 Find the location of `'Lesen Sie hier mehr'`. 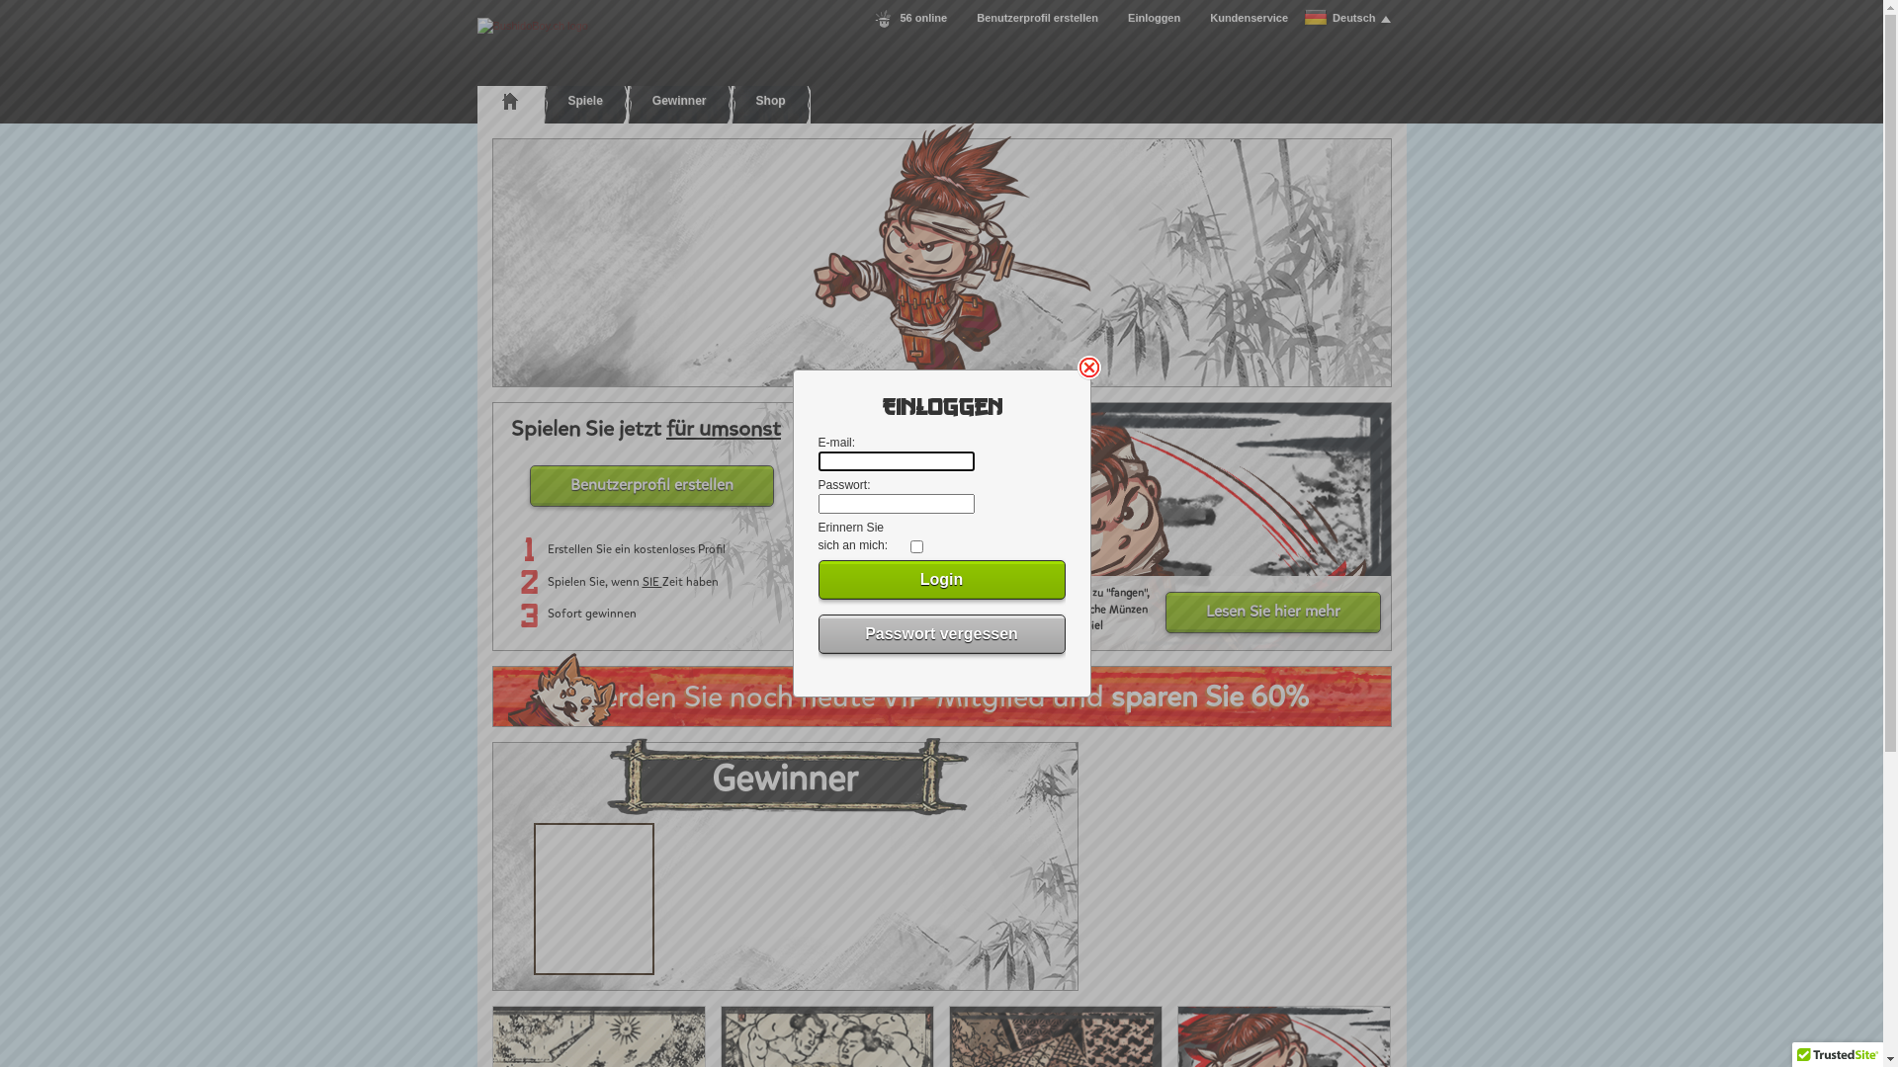

'Lesen Sie hier mehr' is located at coordinates (1271, 612).